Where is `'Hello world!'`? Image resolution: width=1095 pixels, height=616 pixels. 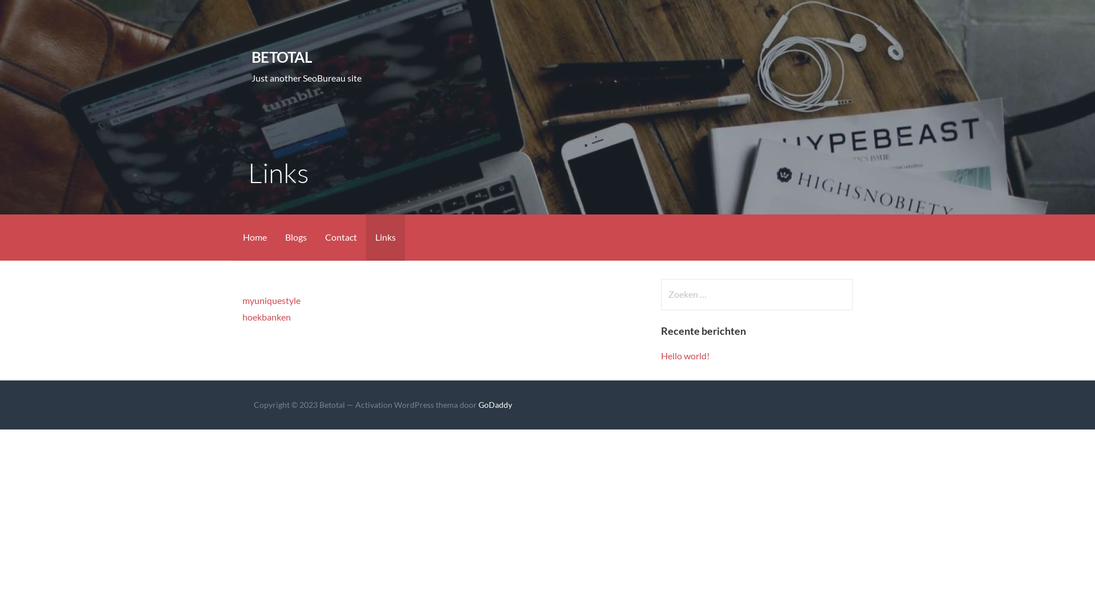 'Hello world!' is located at coordinates (660, 355).